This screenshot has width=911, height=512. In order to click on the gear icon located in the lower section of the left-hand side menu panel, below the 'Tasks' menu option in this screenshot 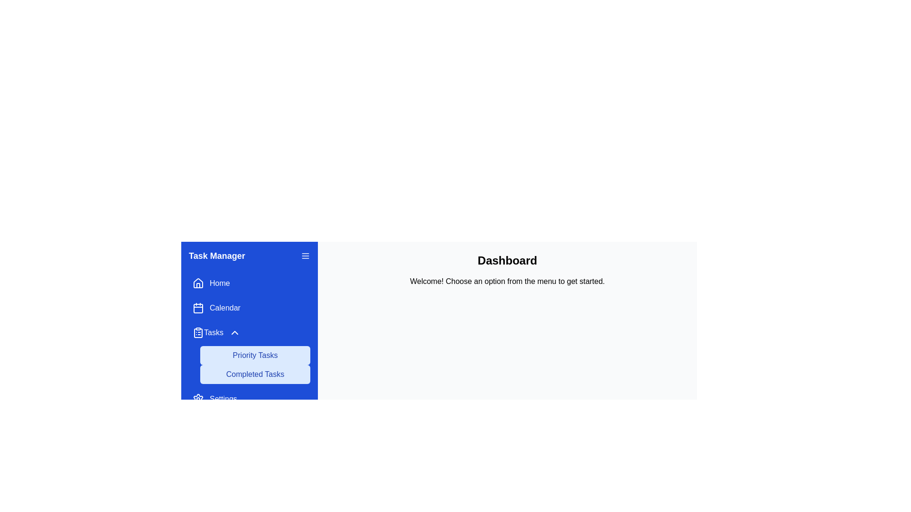, I will do `click(197, 399)`.